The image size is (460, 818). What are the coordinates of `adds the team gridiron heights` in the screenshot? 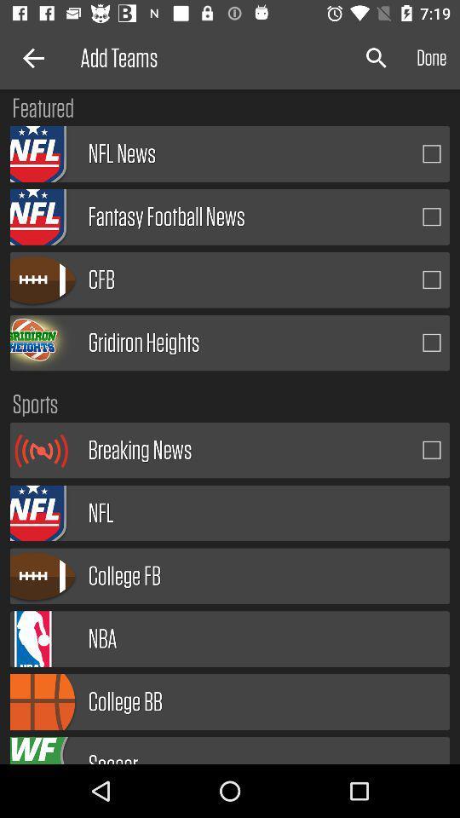 It's located at (432, 342).